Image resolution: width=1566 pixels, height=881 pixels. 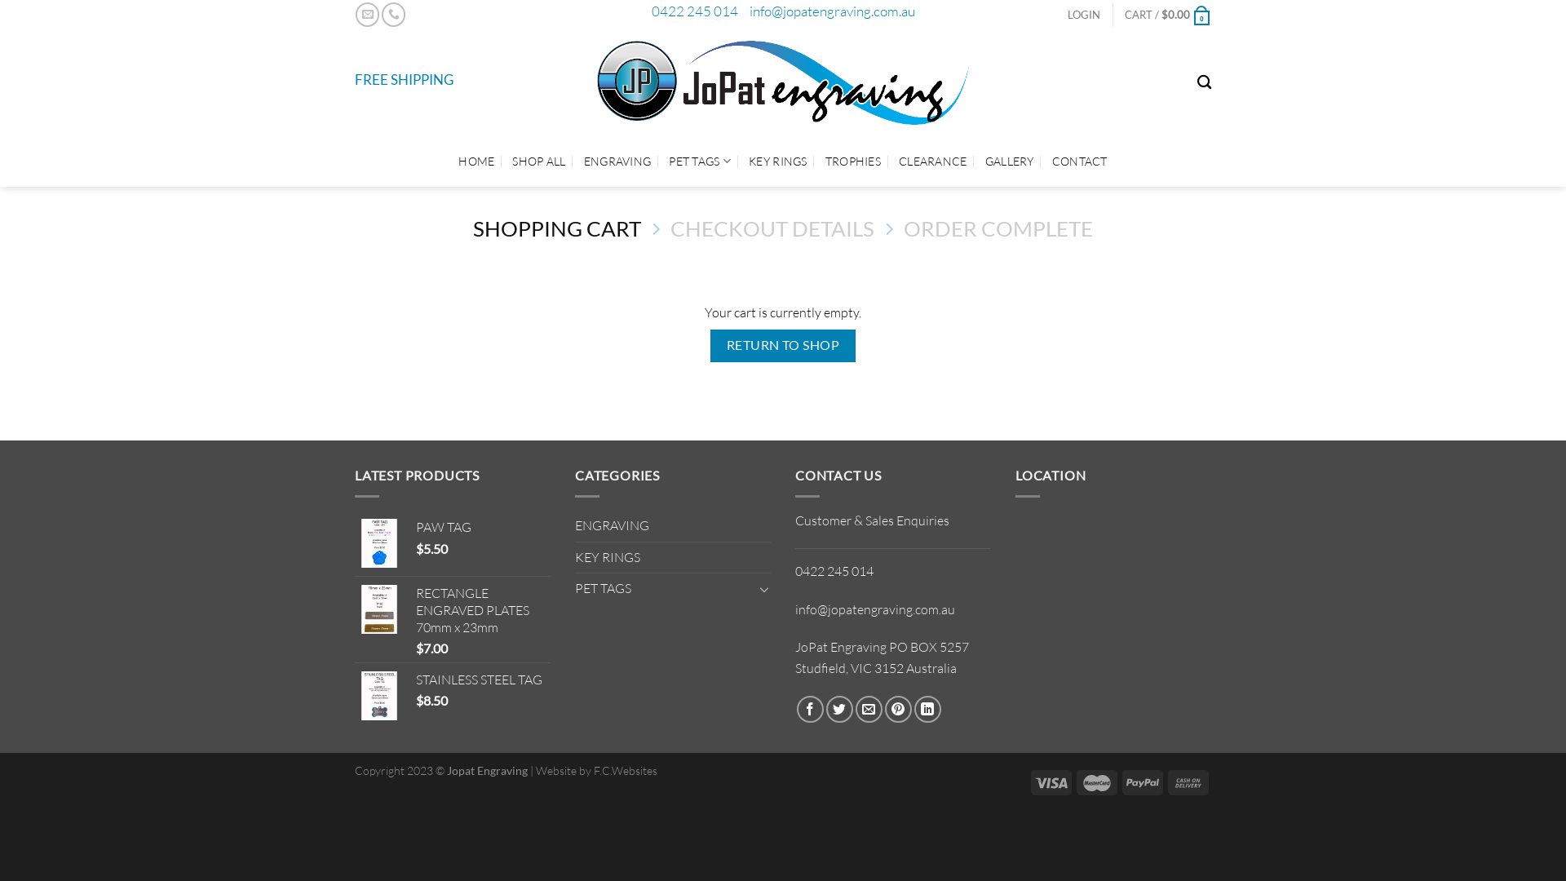 I want to click on 'CART / $0.00, so click(x=1166, y=15).